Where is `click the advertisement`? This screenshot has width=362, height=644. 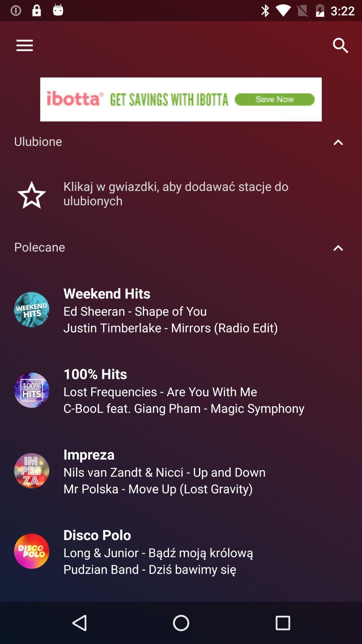
click the advertisement is located at coordinates (181, 99).